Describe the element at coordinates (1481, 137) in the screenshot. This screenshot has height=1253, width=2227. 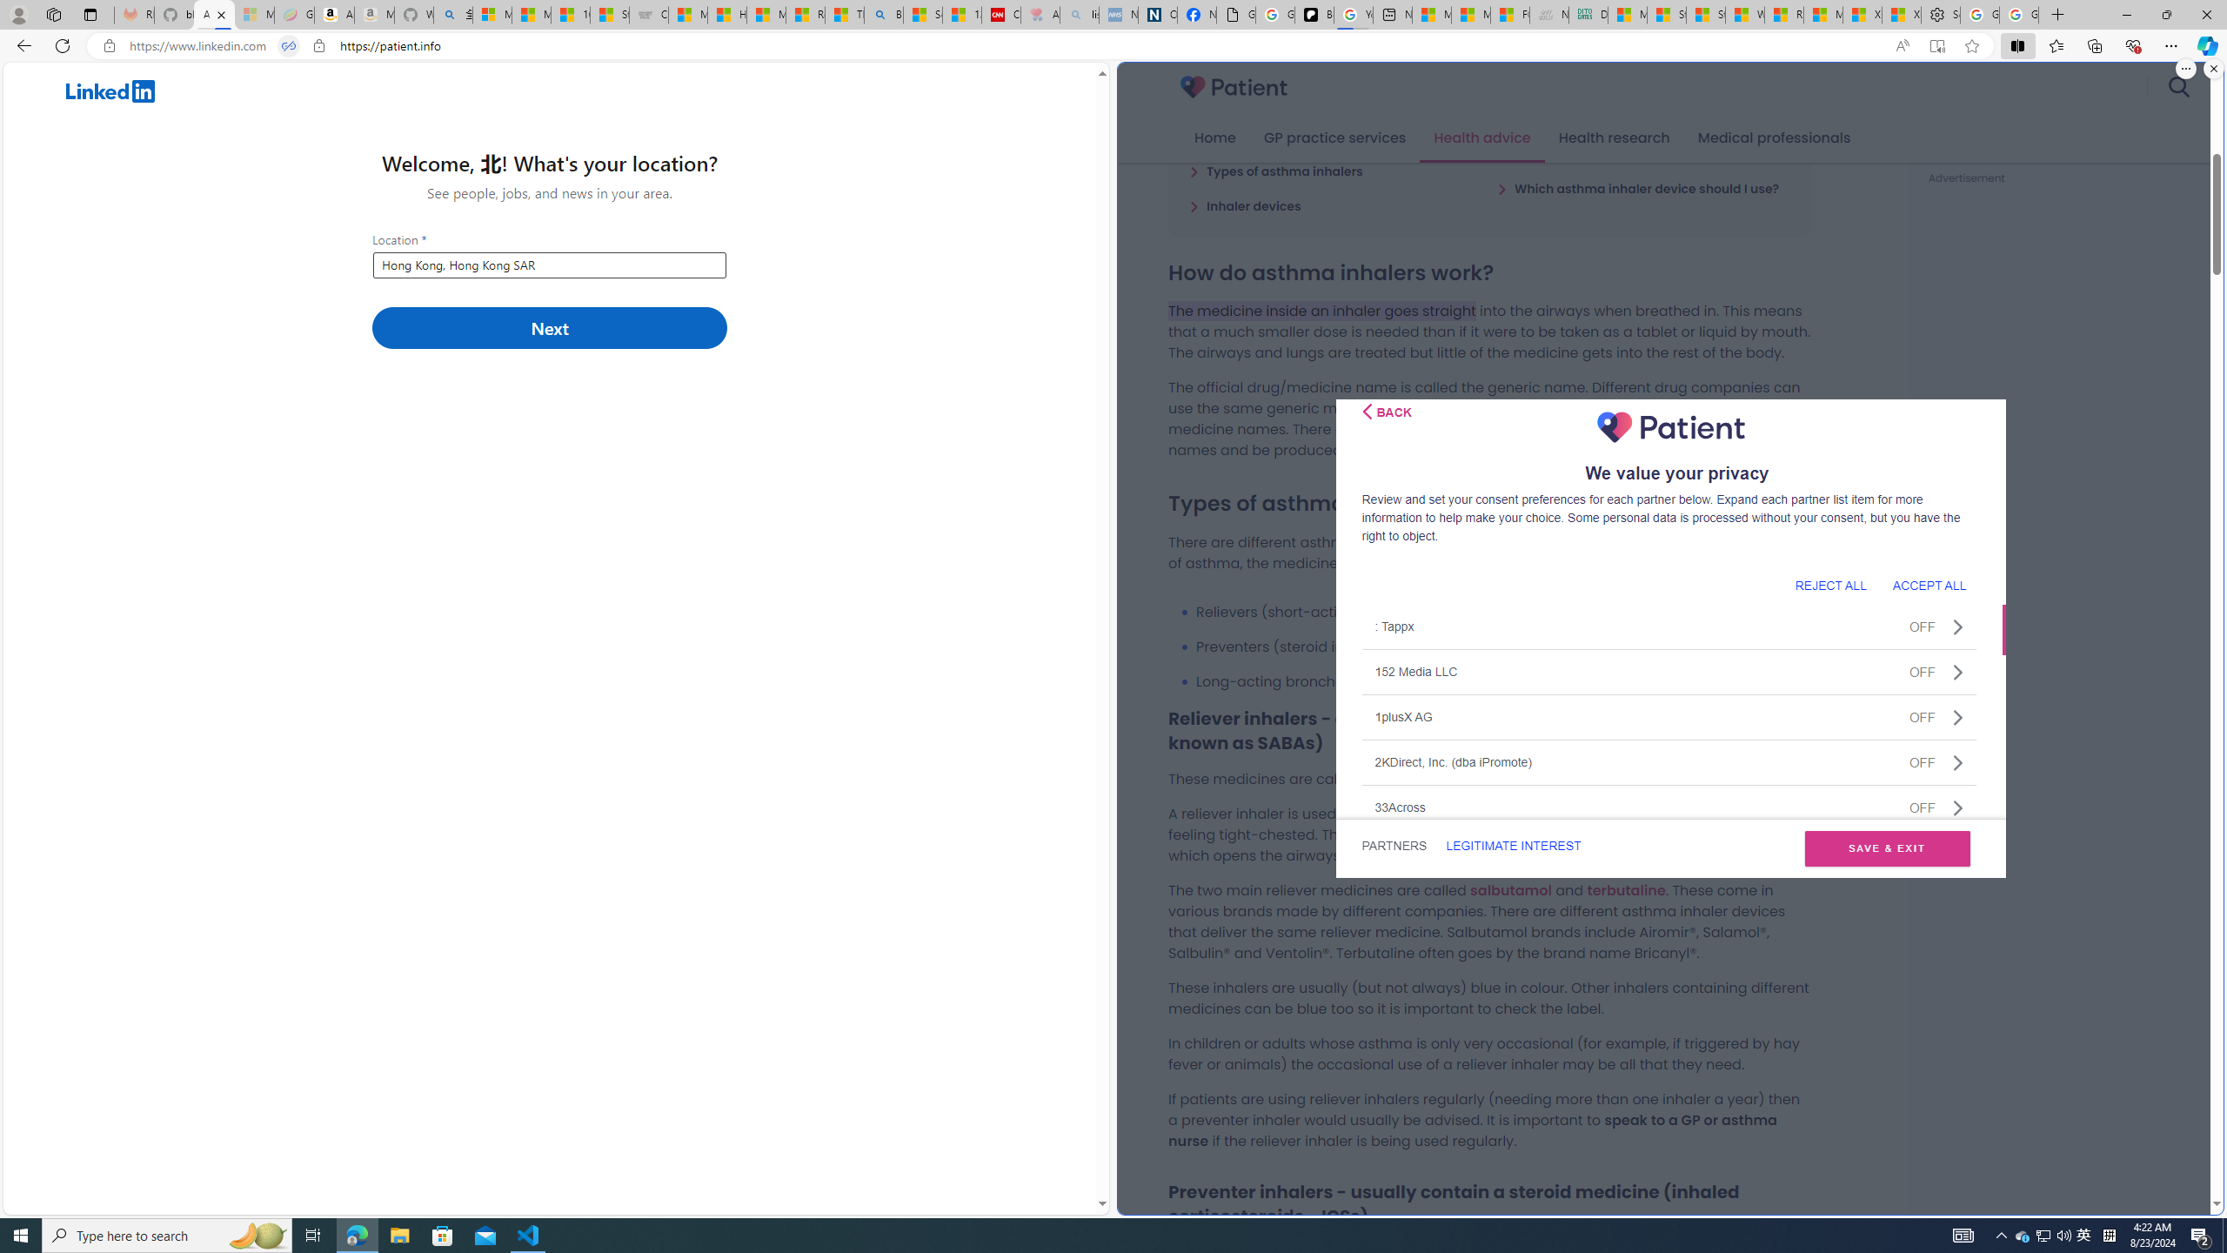
I see `'Health advice'` at that location.